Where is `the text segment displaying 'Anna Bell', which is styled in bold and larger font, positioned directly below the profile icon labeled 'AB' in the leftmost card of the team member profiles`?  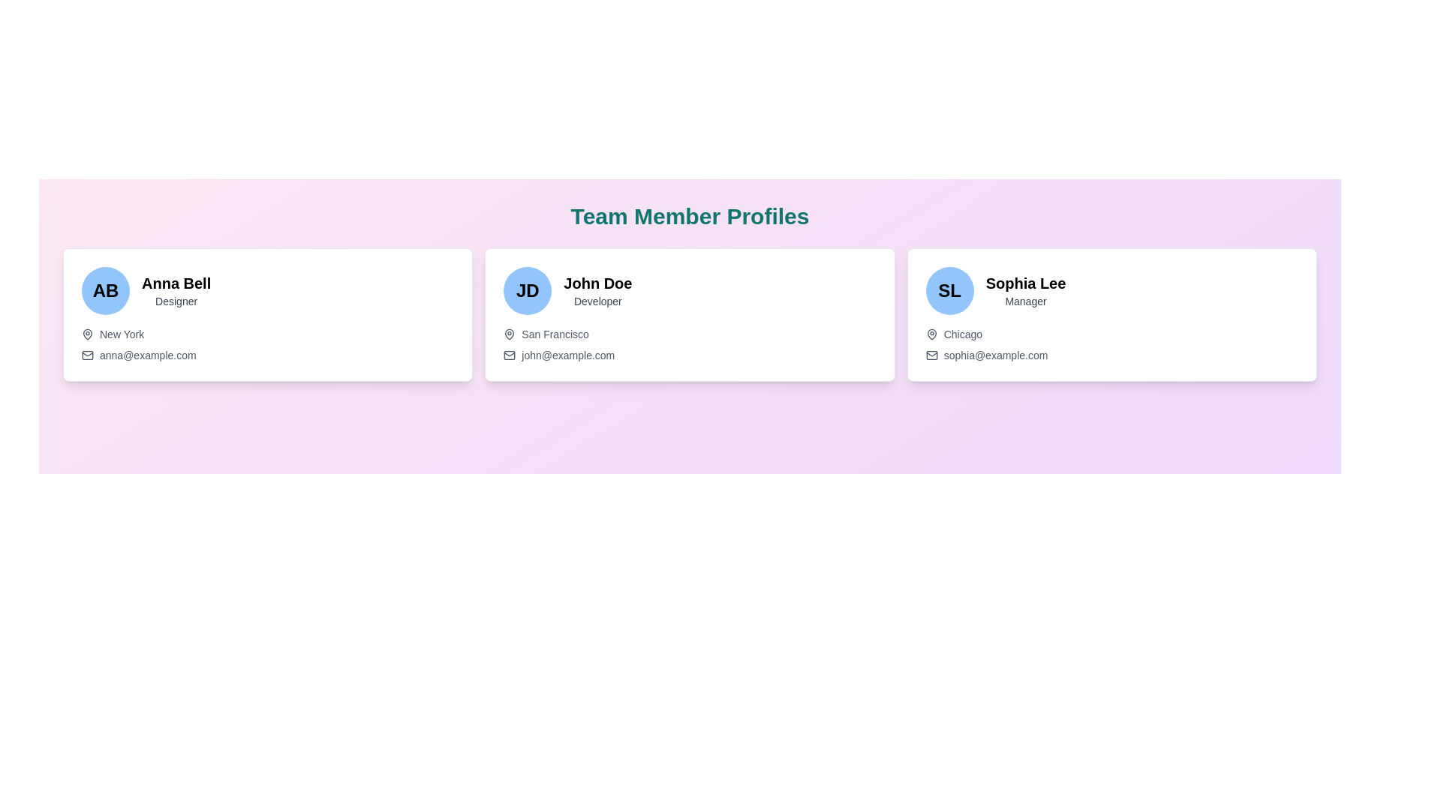
the text segment displaying 'Anna Bell', which is styled in bold and larger font, positioned directly below the profile icon labeled 'AB' in the leftmost card of the team member profiles is located at coordinates (176, 283).